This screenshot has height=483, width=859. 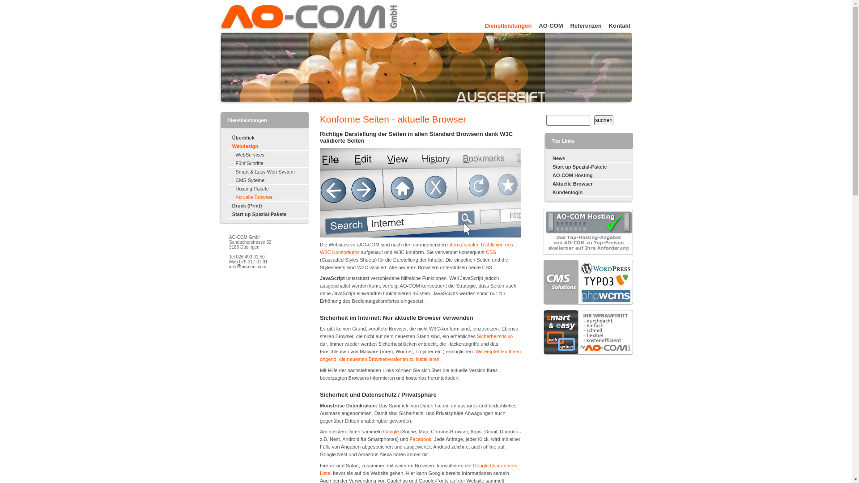 What do you see at coordinates (592, 192) in the screenshot?
I see `'Kundenlogin'` at bounding box center [592, 192].